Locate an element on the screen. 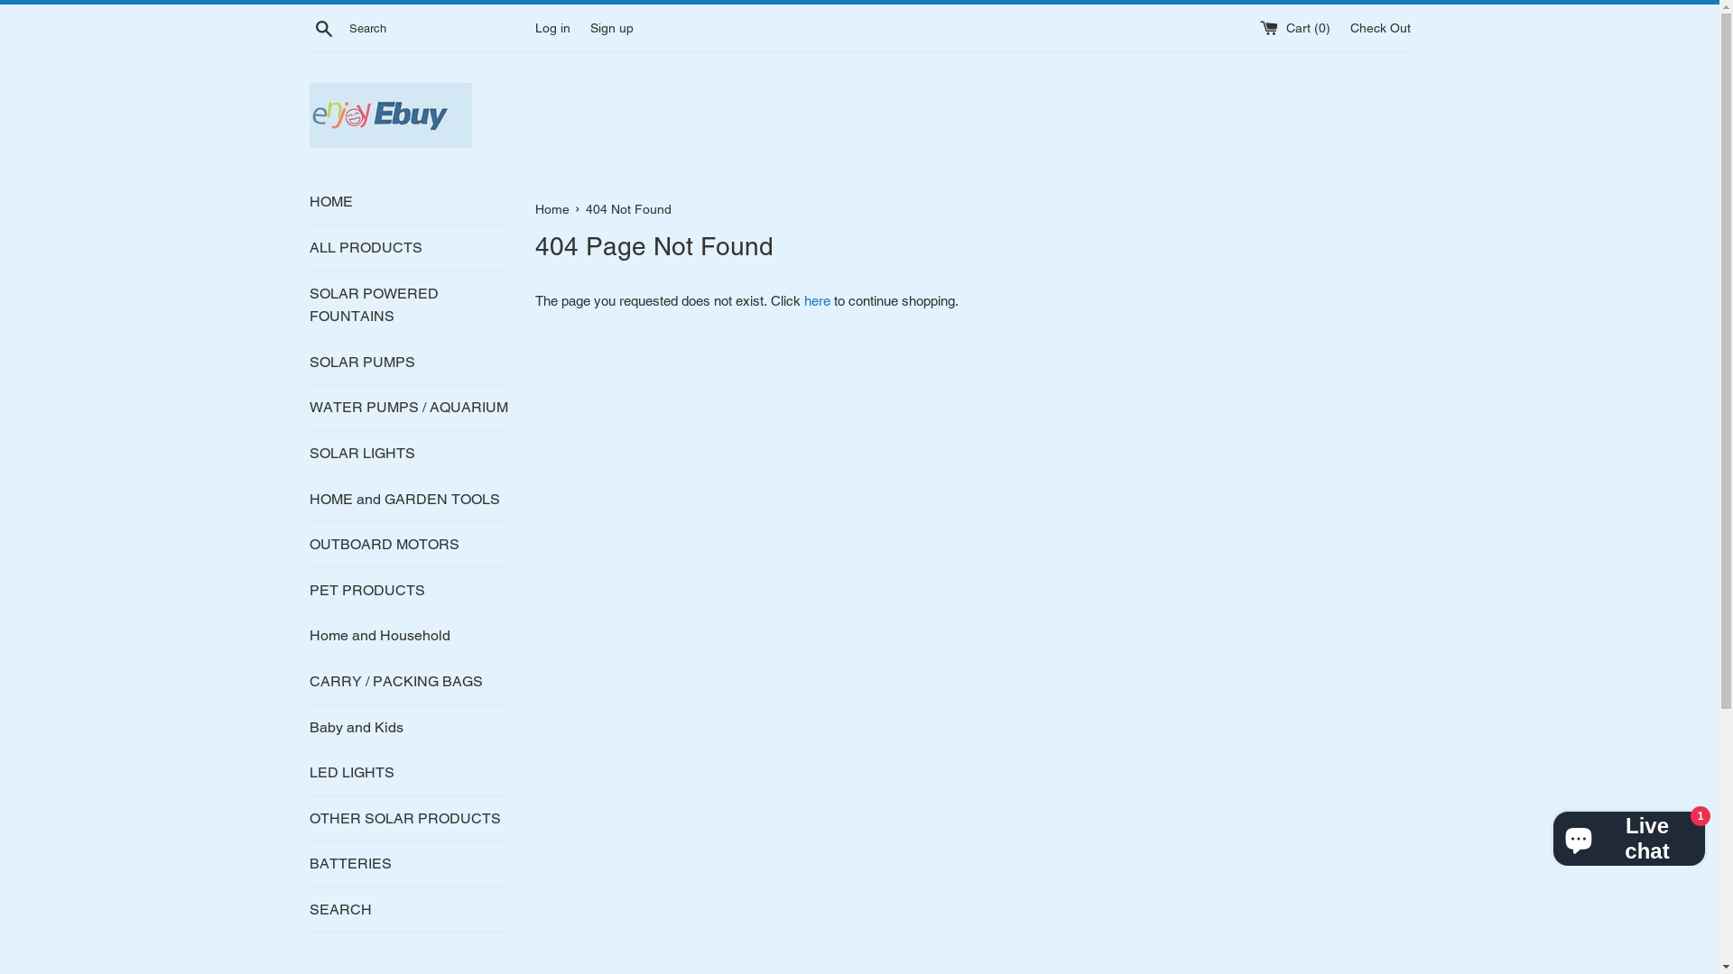 Image resolution: width=1733 pixels, height=974 pixels. 'WATER PUMPS / AQUARIUM' is located at coordinates (406, 407).